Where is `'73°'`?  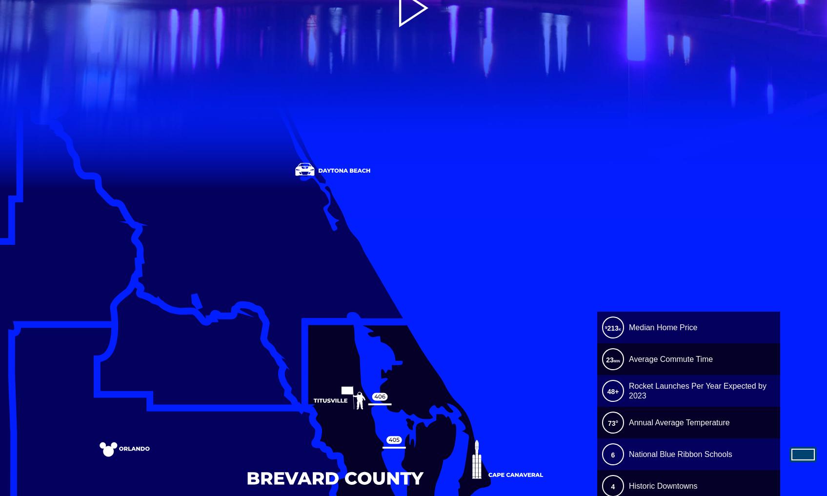
'73°' is located at coordinates (612, 423).